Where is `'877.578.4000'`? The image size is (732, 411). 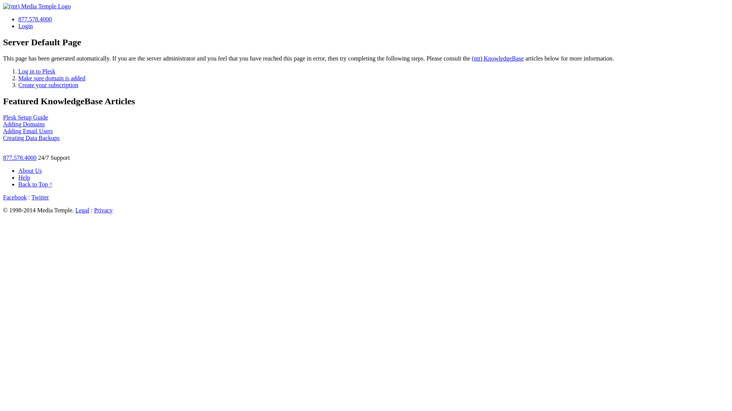 '877.578.4000' is located at coordinates (20, 157).